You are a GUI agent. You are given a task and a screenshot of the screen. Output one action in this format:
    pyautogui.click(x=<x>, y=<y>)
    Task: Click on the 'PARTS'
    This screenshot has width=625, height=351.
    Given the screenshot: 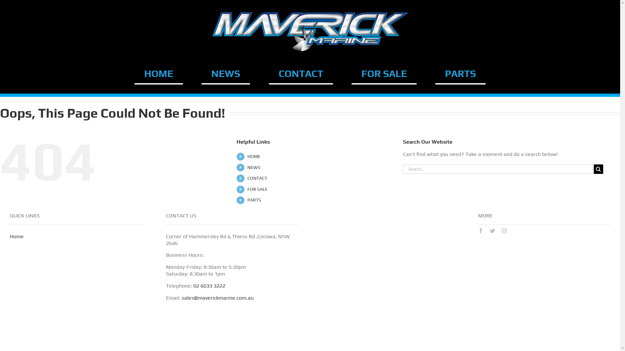 What is the action you would take?
    pyautogui.click(x=460, y=74)
    